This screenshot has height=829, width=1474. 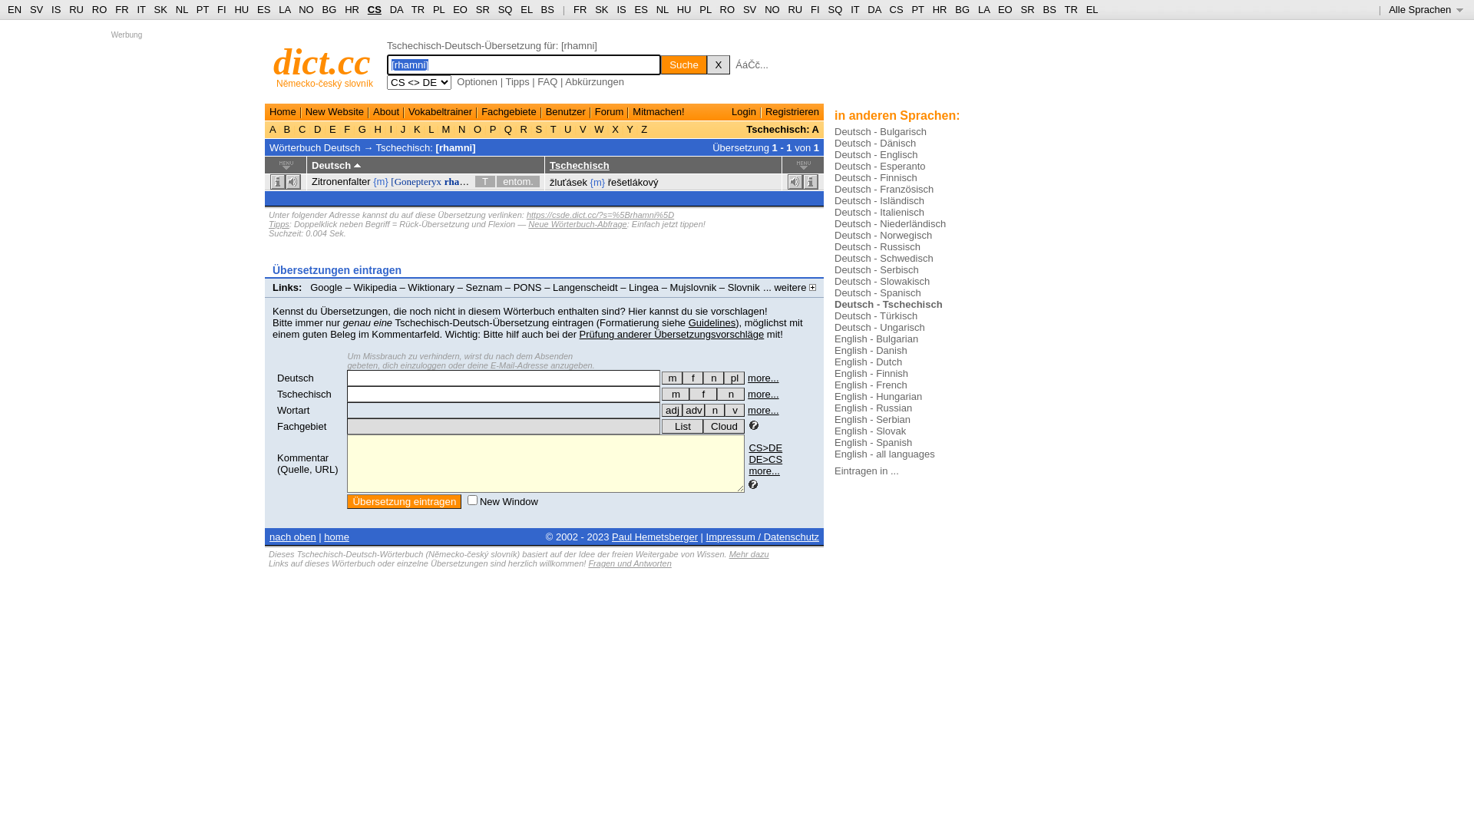 I want to click on 'n', so click(x=714, y=409).